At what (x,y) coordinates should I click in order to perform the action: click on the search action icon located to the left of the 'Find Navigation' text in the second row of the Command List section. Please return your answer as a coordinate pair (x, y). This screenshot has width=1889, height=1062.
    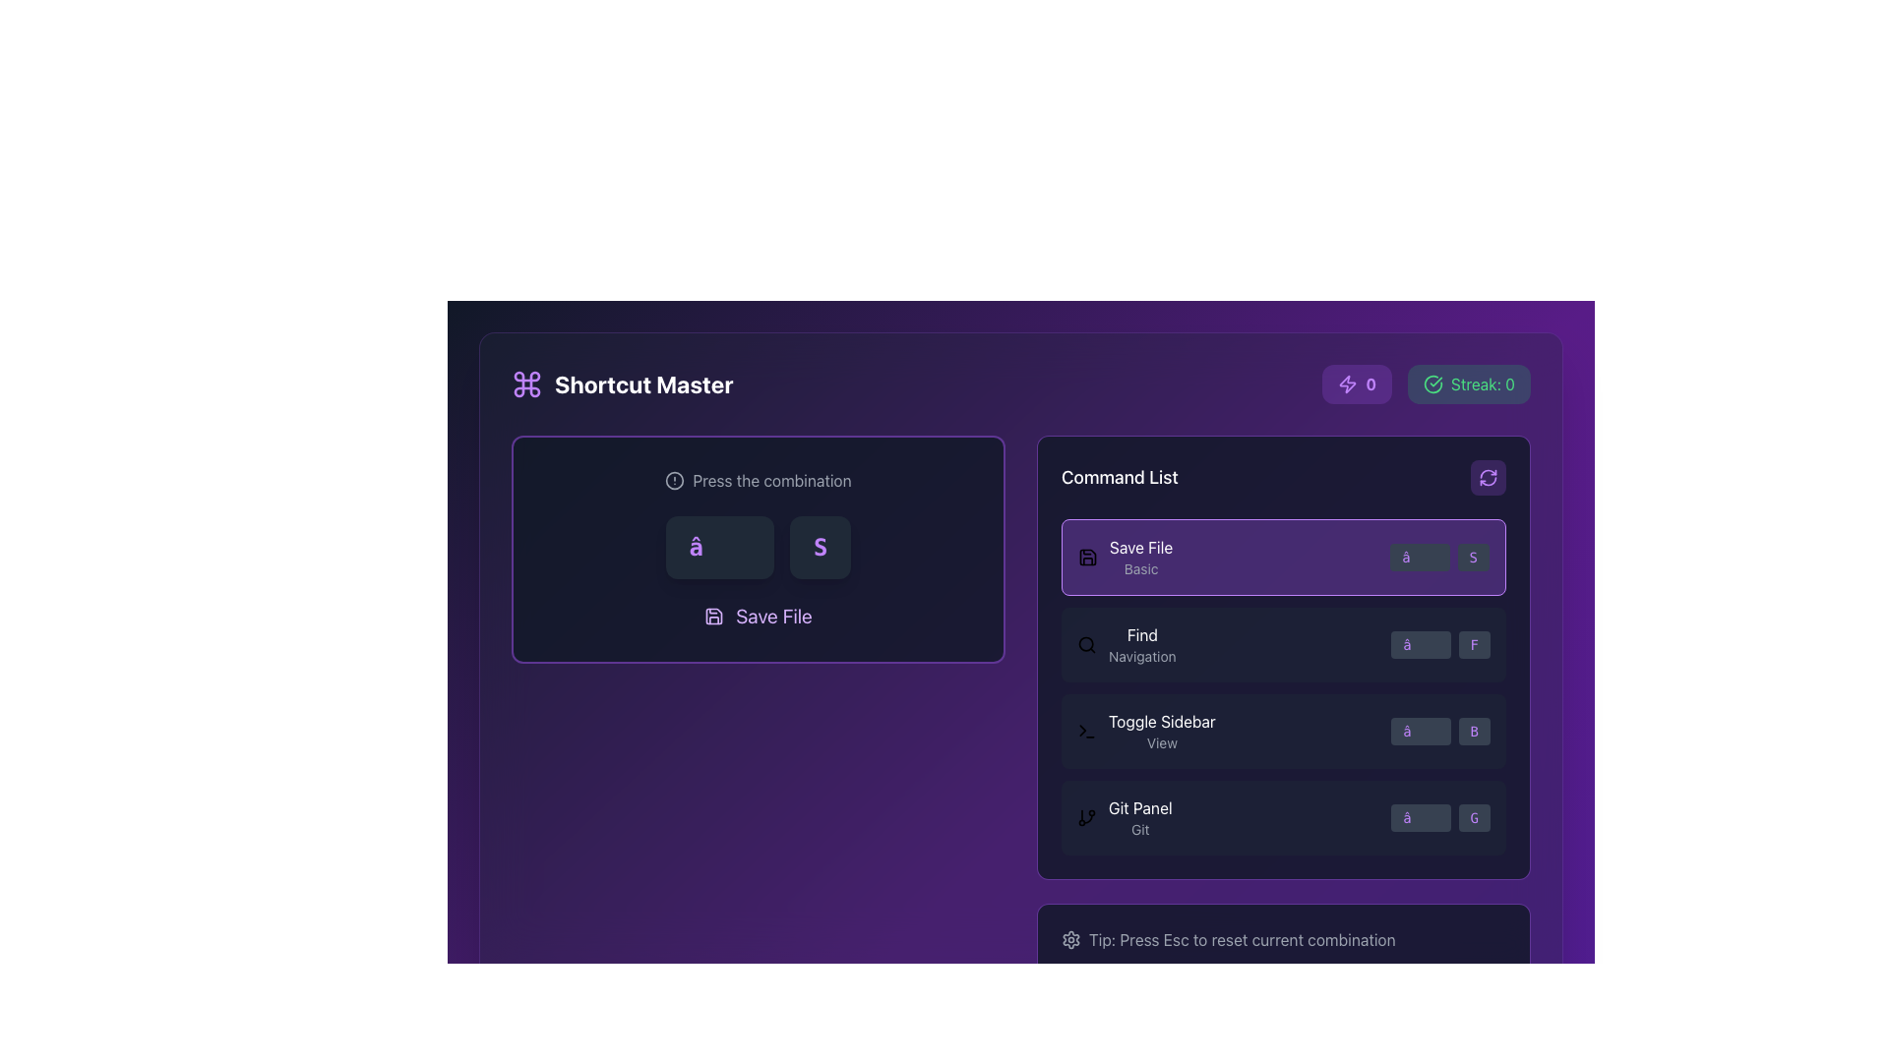
    Looking at the image, I should click on (1085, 644).